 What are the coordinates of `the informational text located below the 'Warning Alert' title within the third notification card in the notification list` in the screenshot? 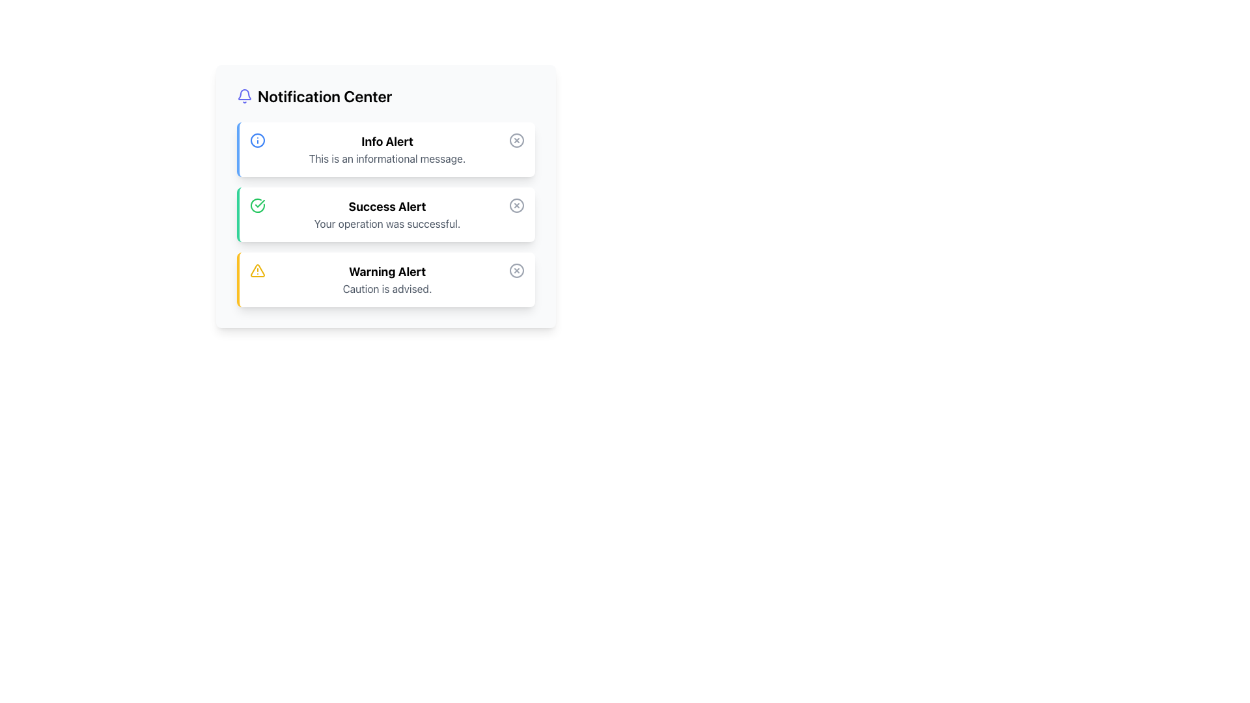 It's located at (387, 288).